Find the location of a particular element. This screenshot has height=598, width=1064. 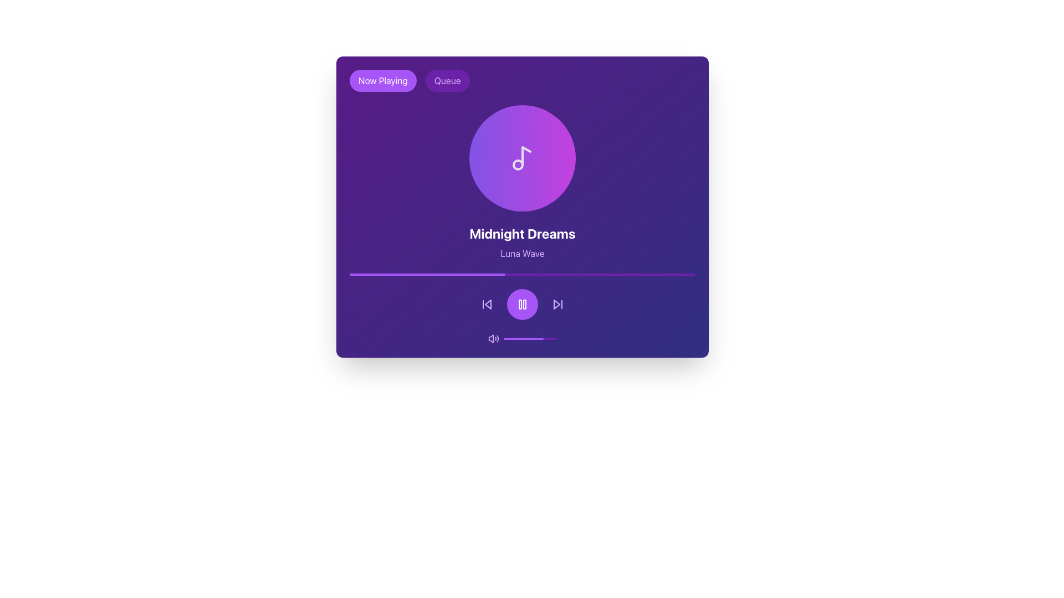

the composite element that displays the currently playing track's title and artist name to play or pause the track is located at coordinates (521, 224).